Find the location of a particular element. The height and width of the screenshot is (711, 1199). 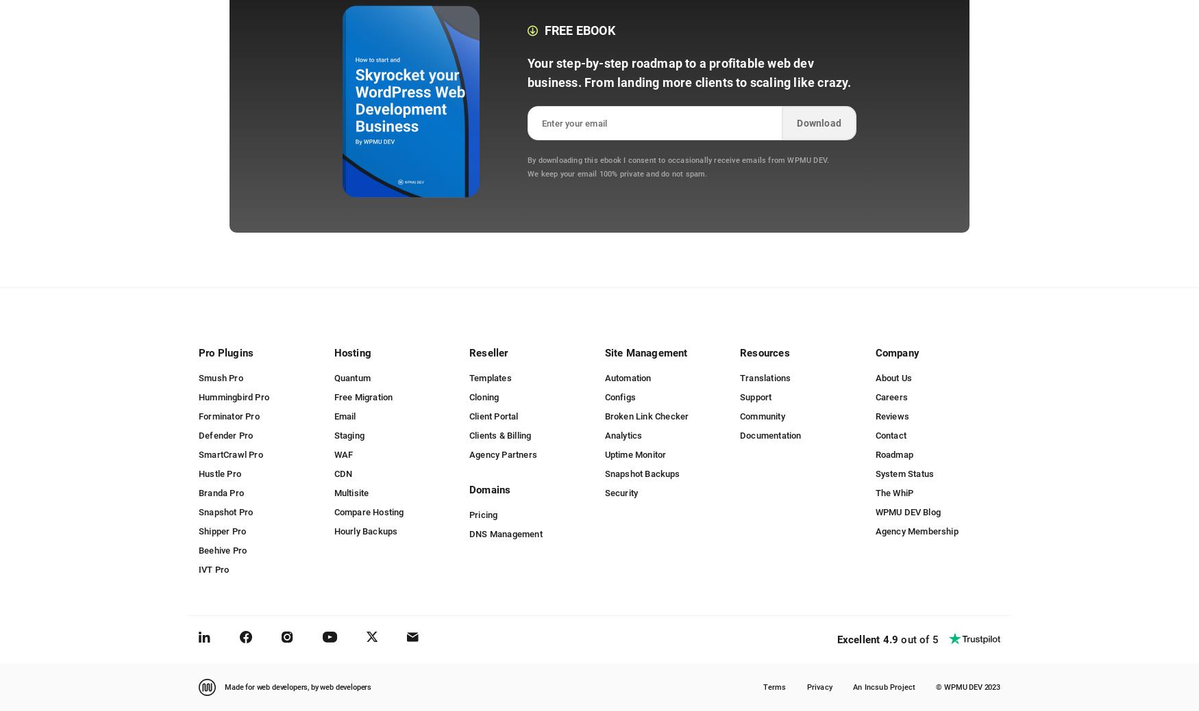

'Security' is located at coordinates (620, 491).